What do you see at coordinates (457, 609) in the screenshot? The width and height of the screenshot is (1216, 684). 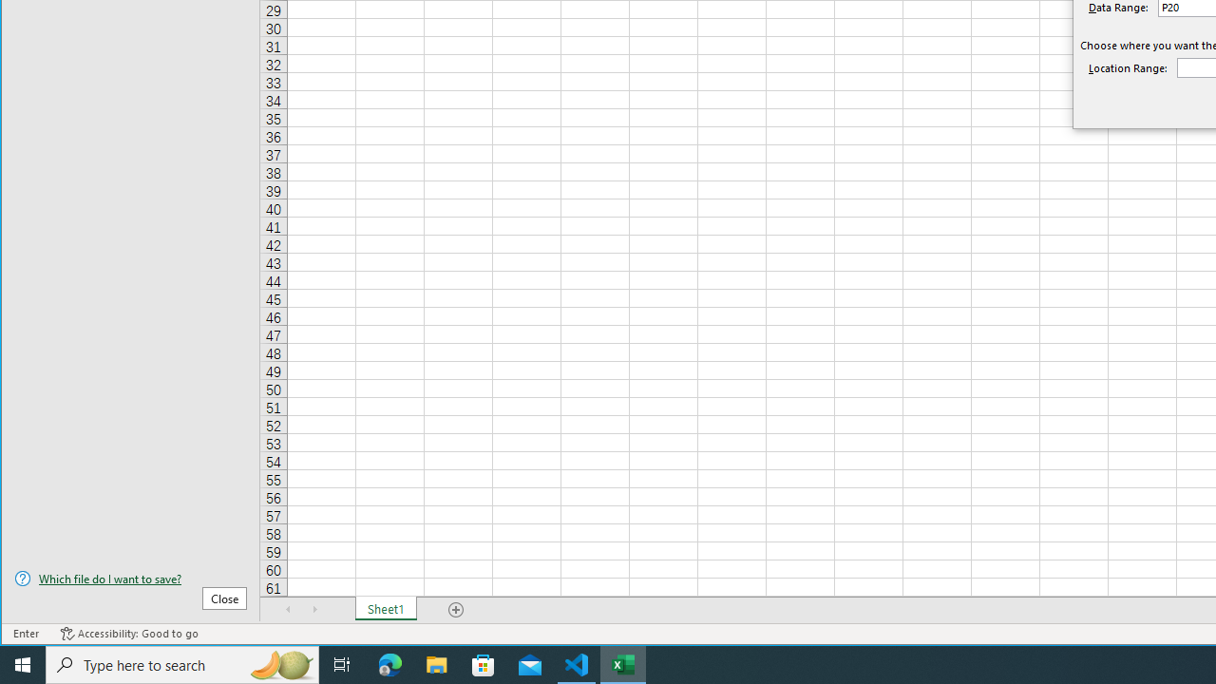 I see `'Add Sheet'` at bounding box center [457, 609].